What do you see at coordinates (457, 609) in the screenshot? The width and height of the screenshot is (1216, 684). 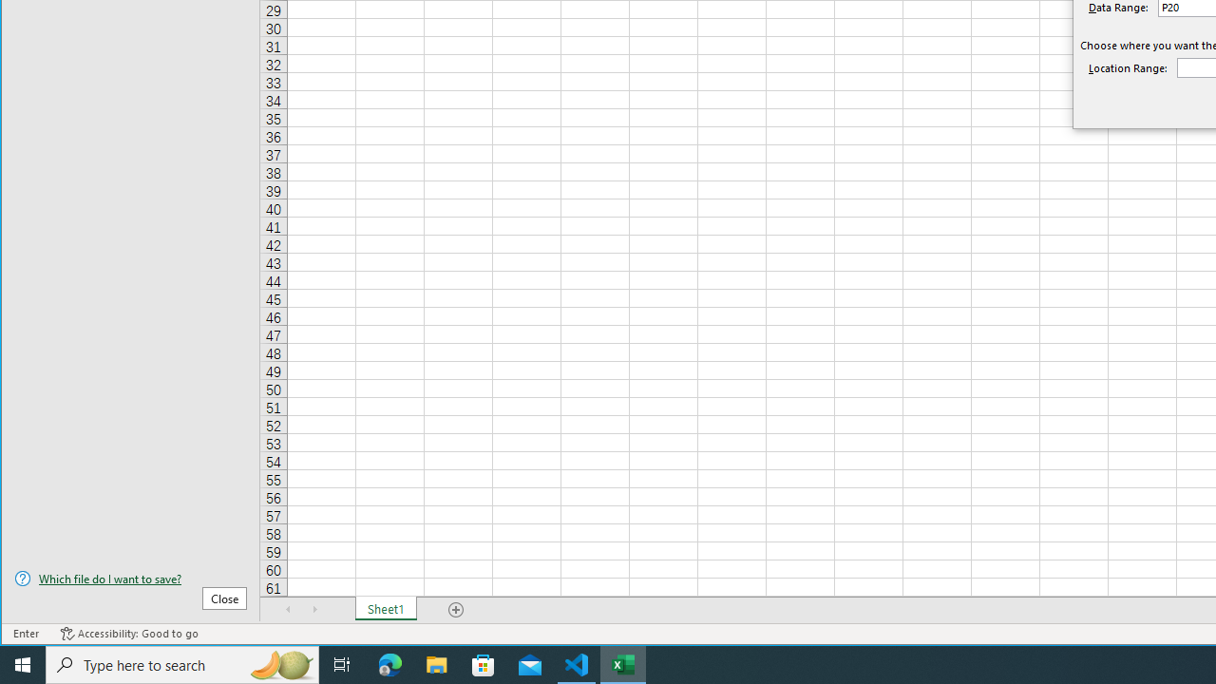 I see `'Add Sheet'` at bounding box center [457, 609].